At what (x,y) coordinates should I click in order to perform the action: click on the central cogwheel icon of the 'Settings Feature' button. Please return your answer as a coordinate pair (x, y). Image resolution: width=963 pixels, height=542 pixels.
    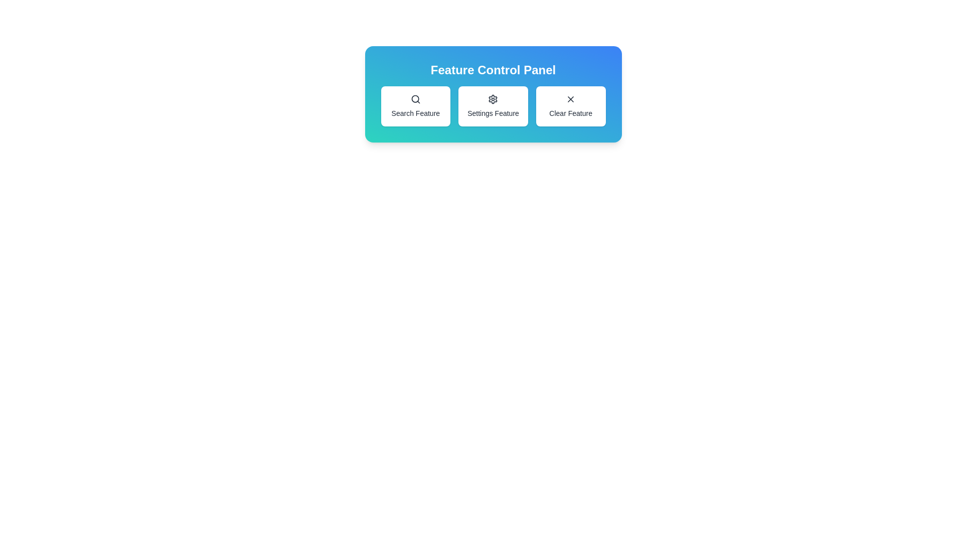
    Looking at the image, I should click on (493, 99).